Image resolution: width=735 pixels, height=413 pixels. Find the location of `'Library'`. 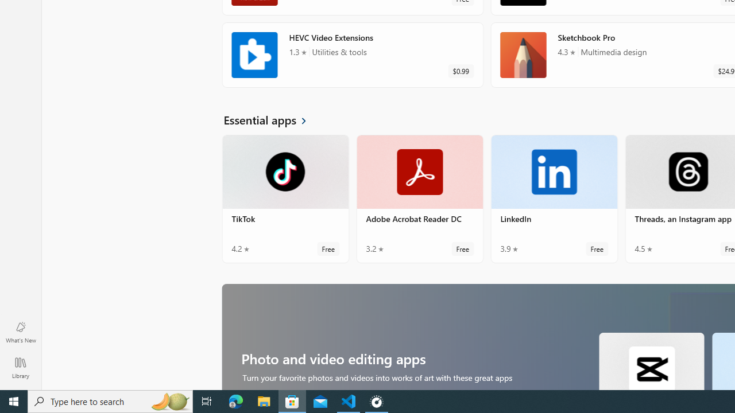

'Library' is located at coordinates (20, 367).